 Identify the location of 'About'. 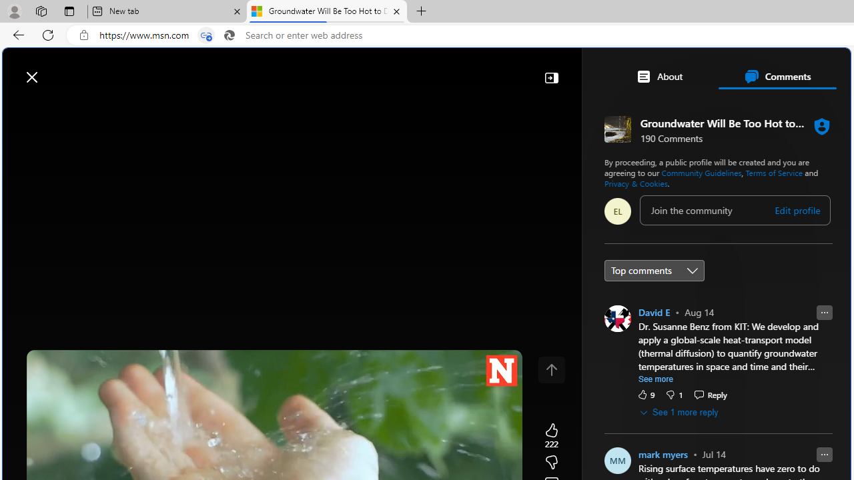
(659, 76).